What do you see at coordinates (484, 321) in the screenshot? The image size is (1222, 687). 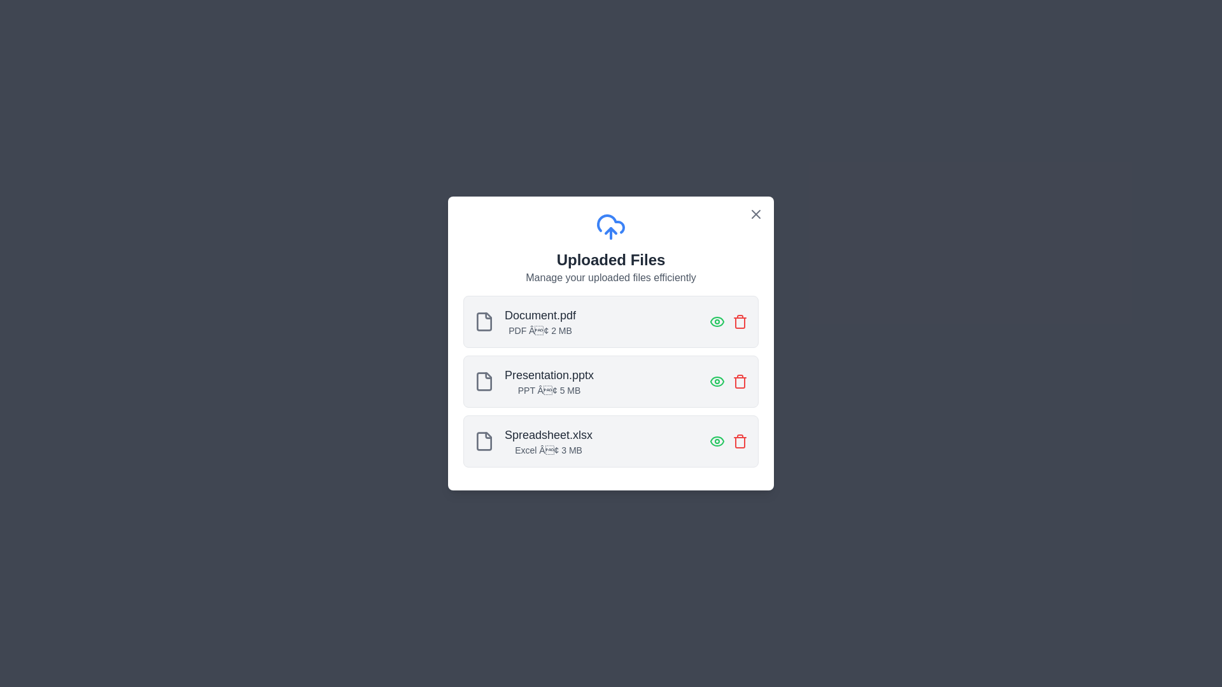 I see `the document icon representing 'Document.pdf' in the uploaded files list, located to the left of the file name and above its size` at bounding box center [484, 321].